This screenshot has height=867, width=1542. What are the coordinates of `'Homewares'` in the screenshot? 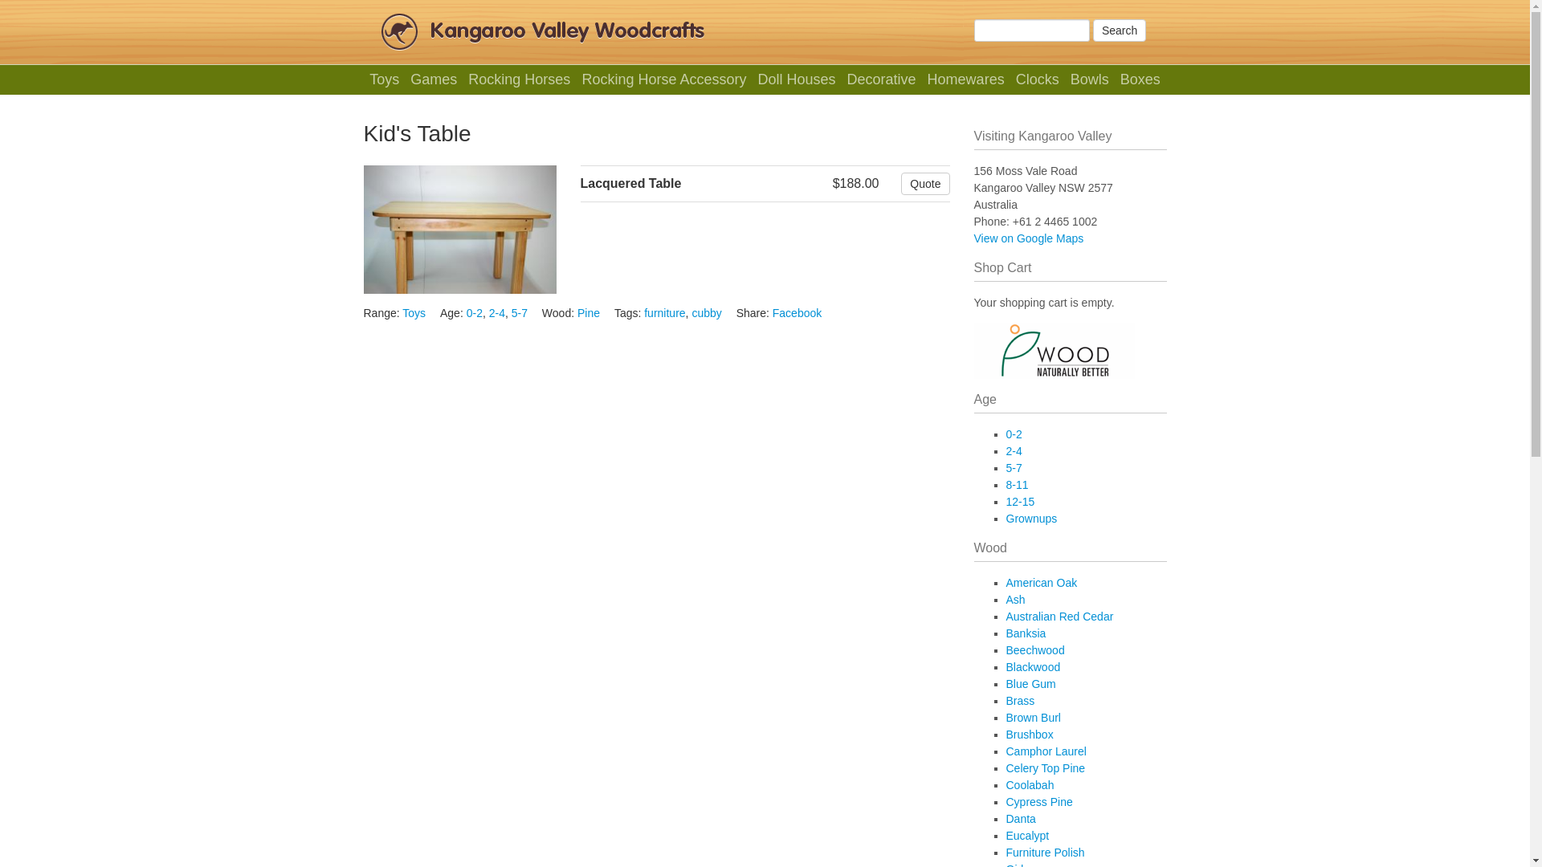 It's located at (924, 79).